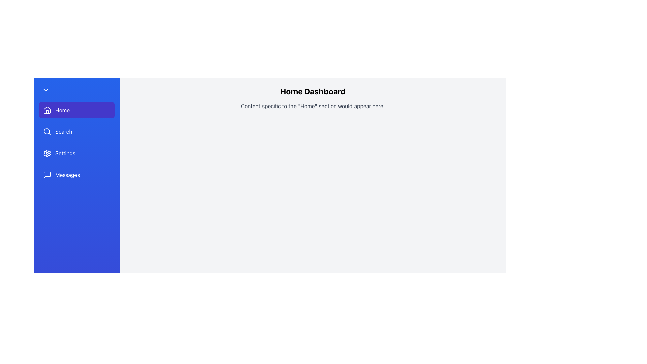 The height and width of the screenshot is (364, 647). I want to click on the navigation button located in the left-hand vertical navigation bar, positioned below the 'Search' menu item and above the 'Messages' menu item, which is the third item in the menu group, so click(76, 153).